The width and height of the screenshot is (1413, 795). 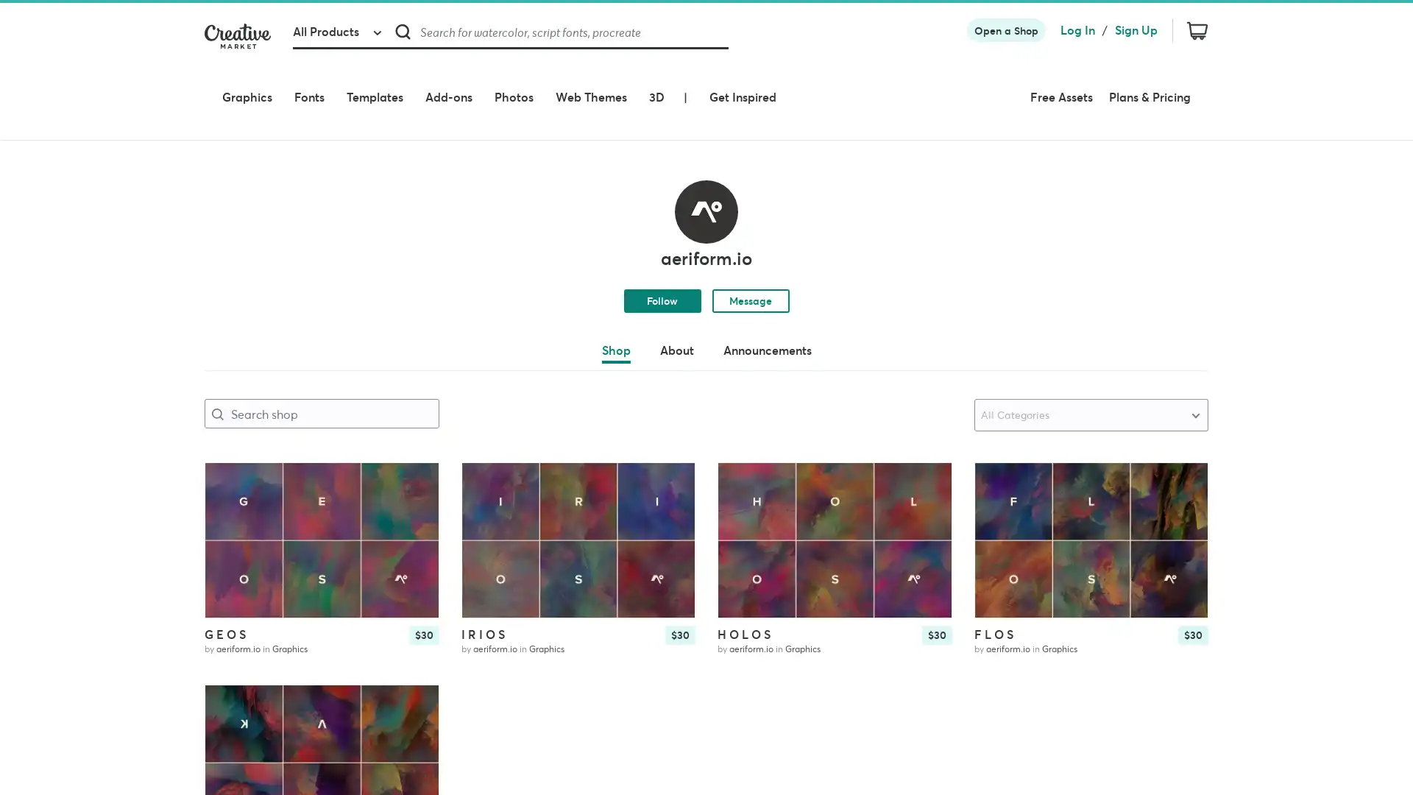 What do you see at coordinates (927, 455) in the screenshot?
I see `Save` at bounding box center [927, 455].